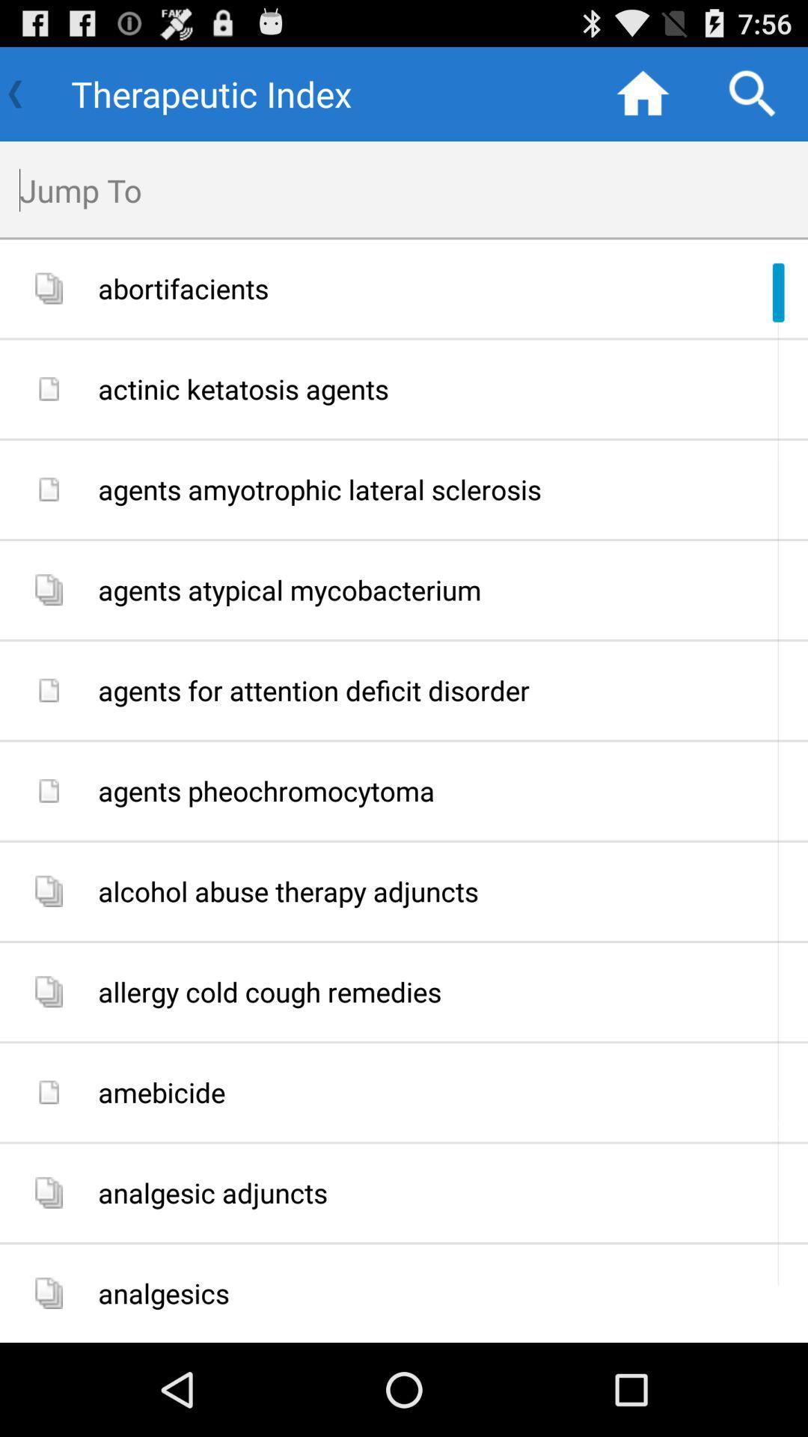 The image size is (808, 1437). Describe the element at coordinates (447, 992) in the screenshot. I see `allergy cold cough item` at that location.